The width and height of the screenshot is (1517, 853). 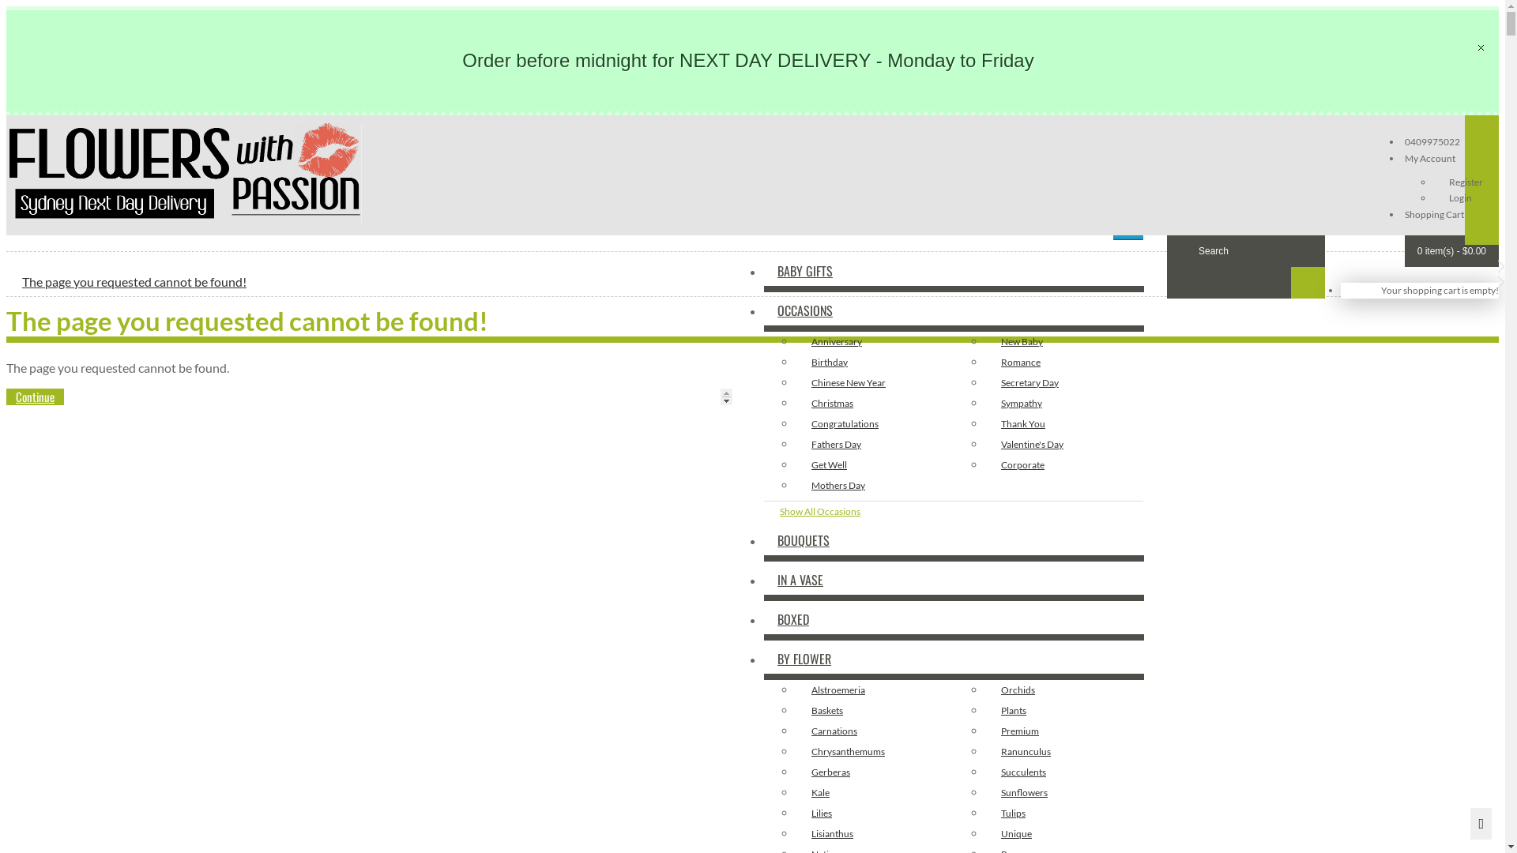 I want to click on 'Sympathy', so click(x=1064, y=402).